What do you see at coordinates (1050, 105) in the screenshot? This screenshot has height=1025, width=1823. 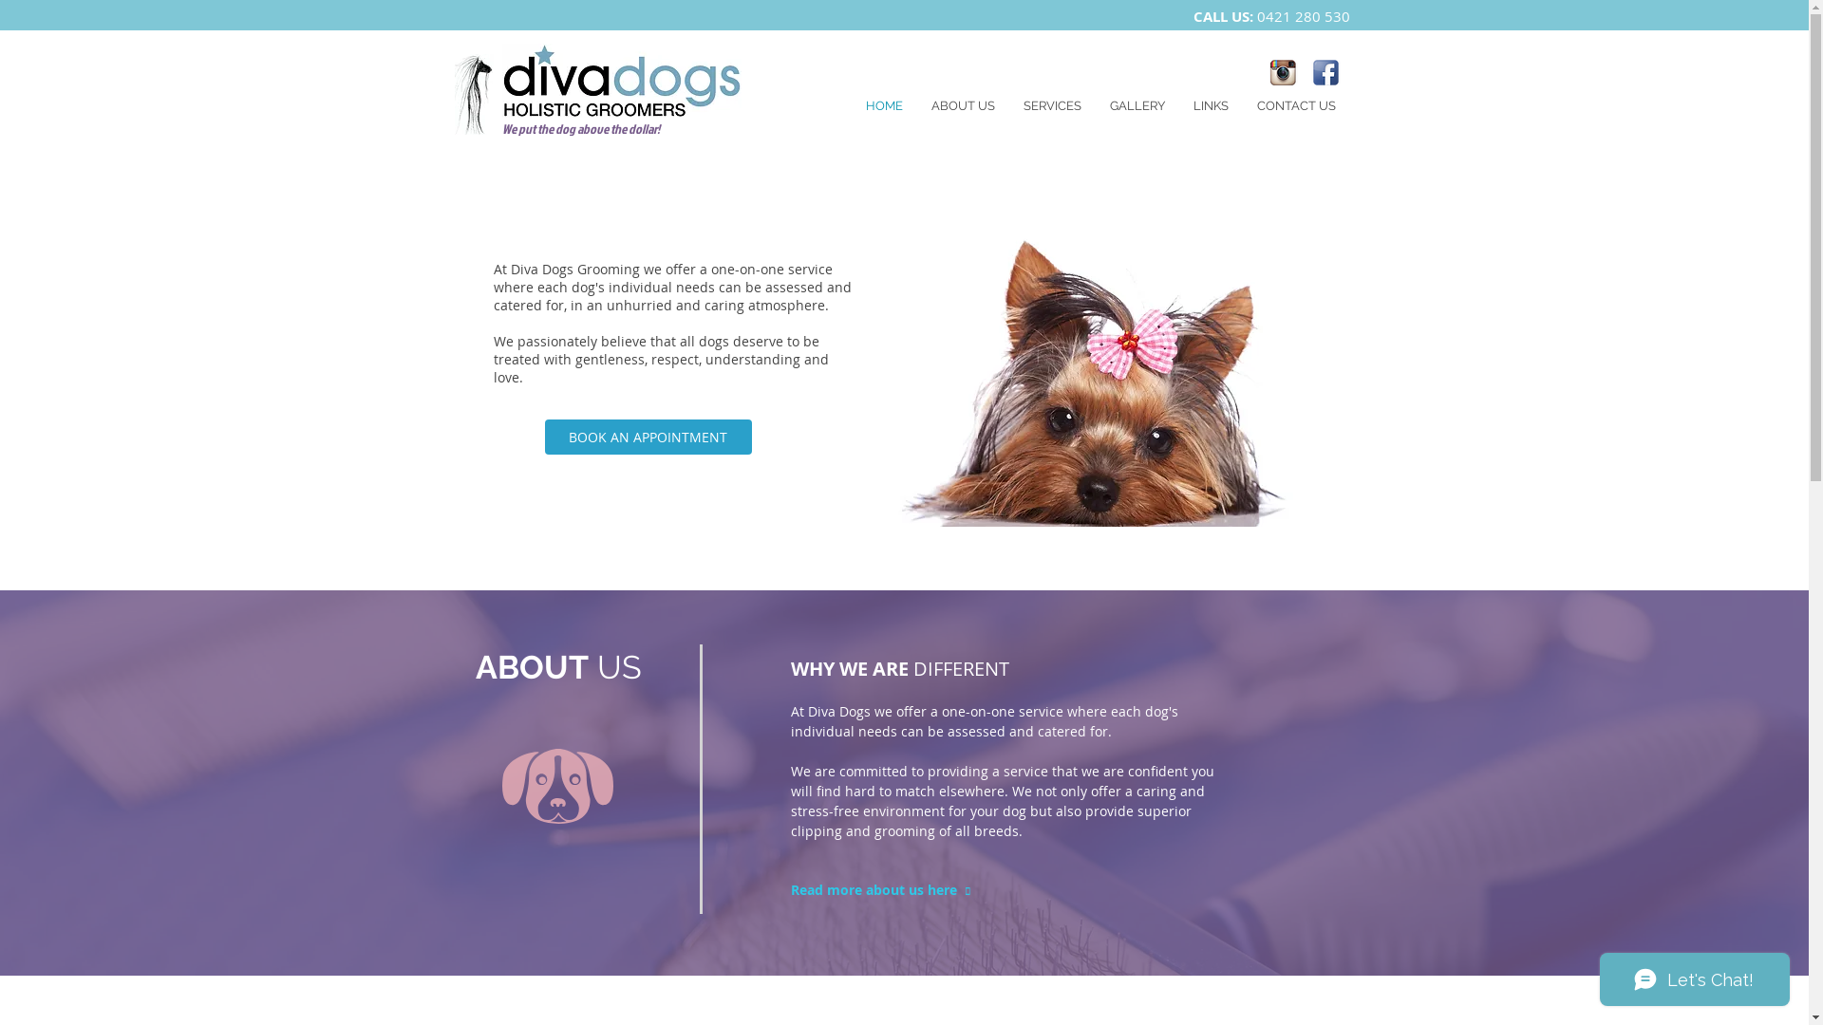 I see `'SERVICES'` at bounding box center [1050, 105].